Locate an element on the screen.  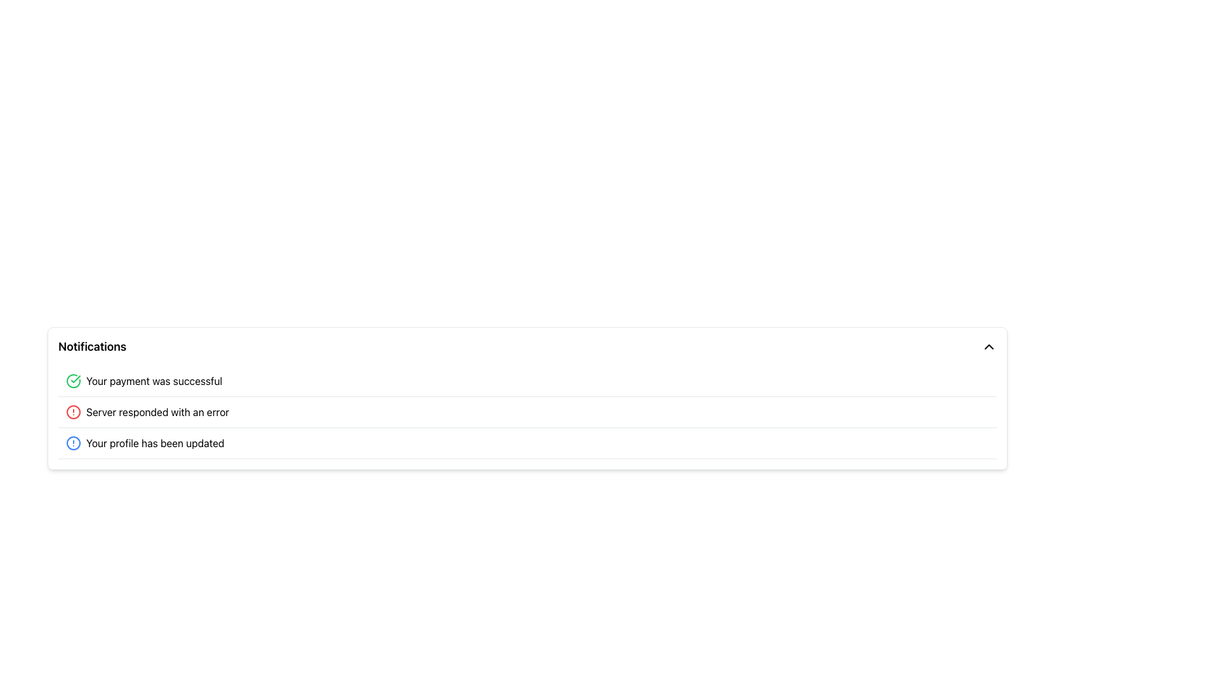
the second Notification List Item that displays the message 'Server responded with an error', which is visually distinct with a red circular warning icon on its left is located at coordinates (527, 412).